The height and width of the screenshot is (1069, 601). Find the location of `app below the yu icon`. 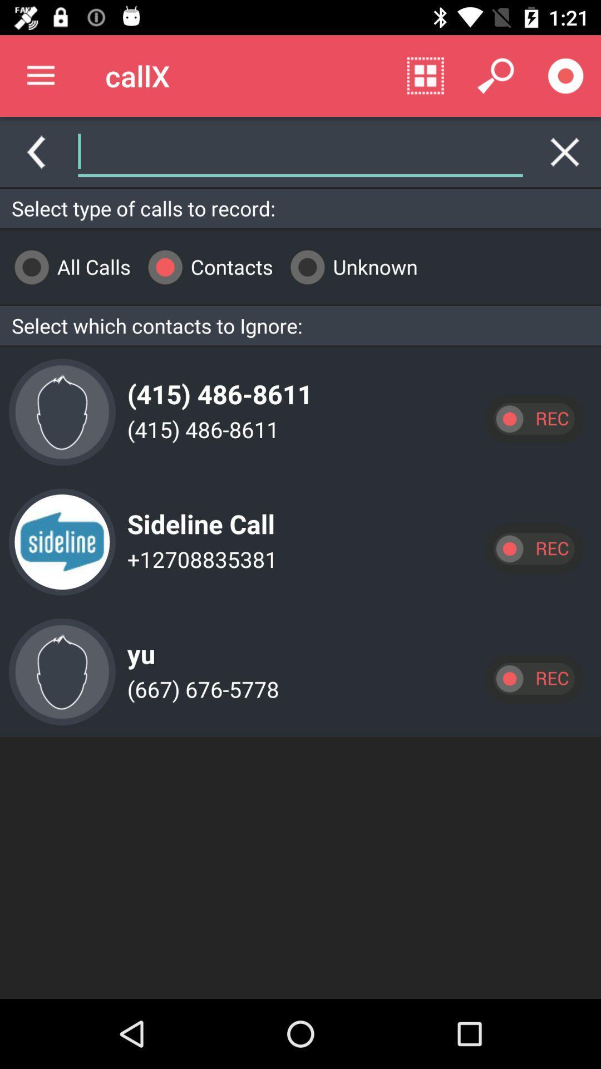

app below the yu icon is located at coordinates (199, 688).